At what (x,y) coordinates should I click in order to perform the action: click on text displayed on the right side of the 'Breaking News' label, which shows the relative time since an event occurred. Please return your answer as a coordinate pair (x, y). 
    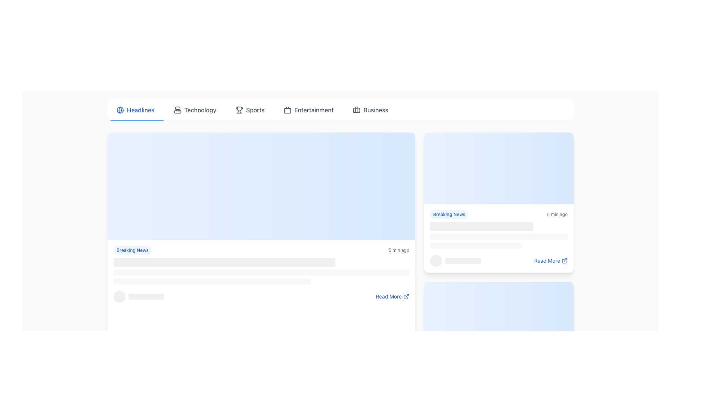
    Looking at the image, I should click on (398, 250).